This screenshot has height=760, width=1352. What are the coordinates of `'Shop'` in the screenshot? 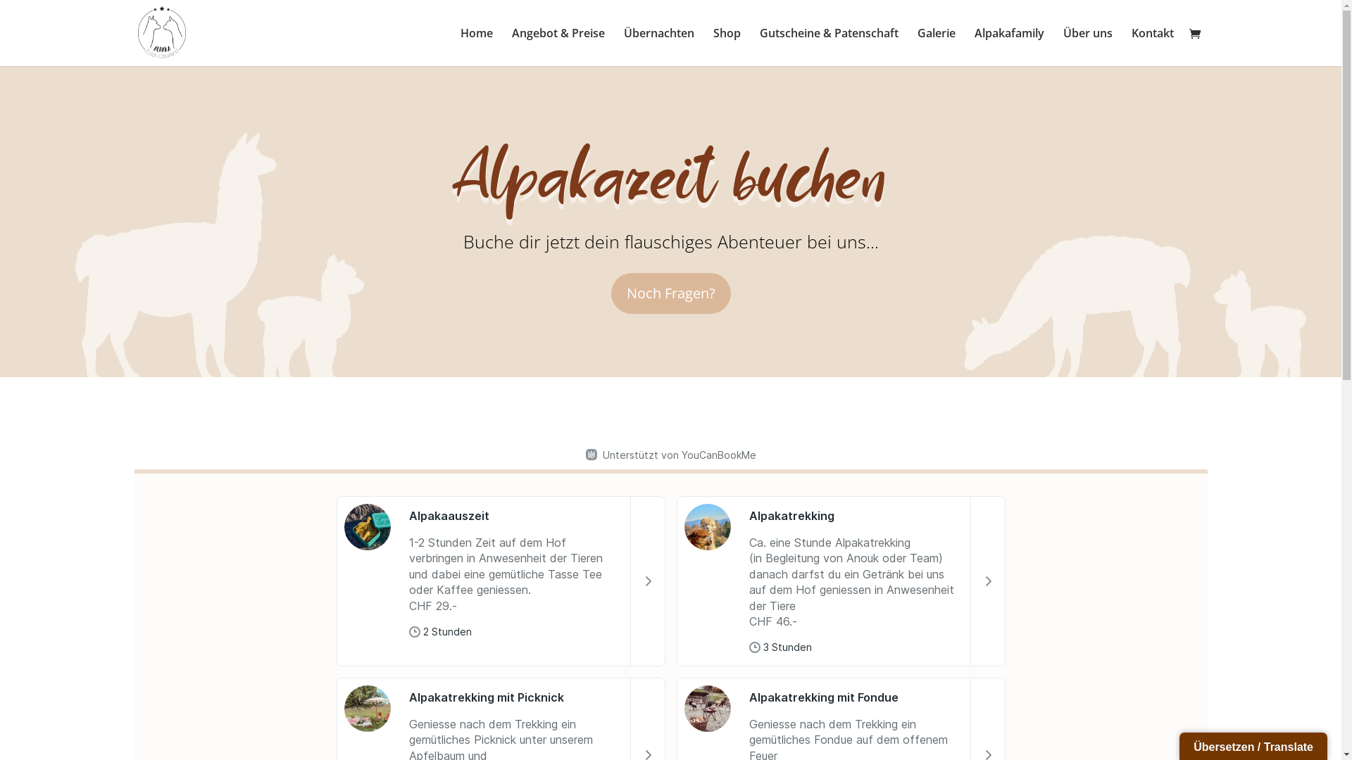 It's located at (726, 46).